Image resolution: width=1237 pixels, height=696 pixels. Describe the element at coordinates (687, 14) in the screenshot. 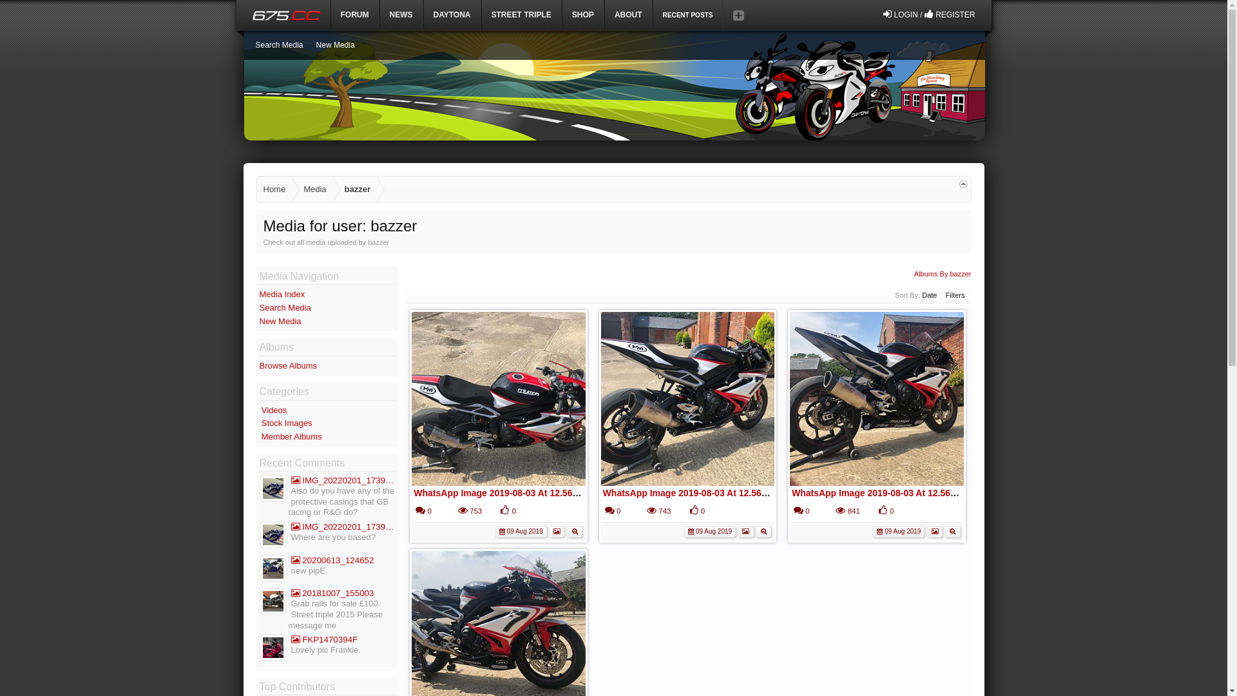

I see `'RECENT POSTS'` at that location.